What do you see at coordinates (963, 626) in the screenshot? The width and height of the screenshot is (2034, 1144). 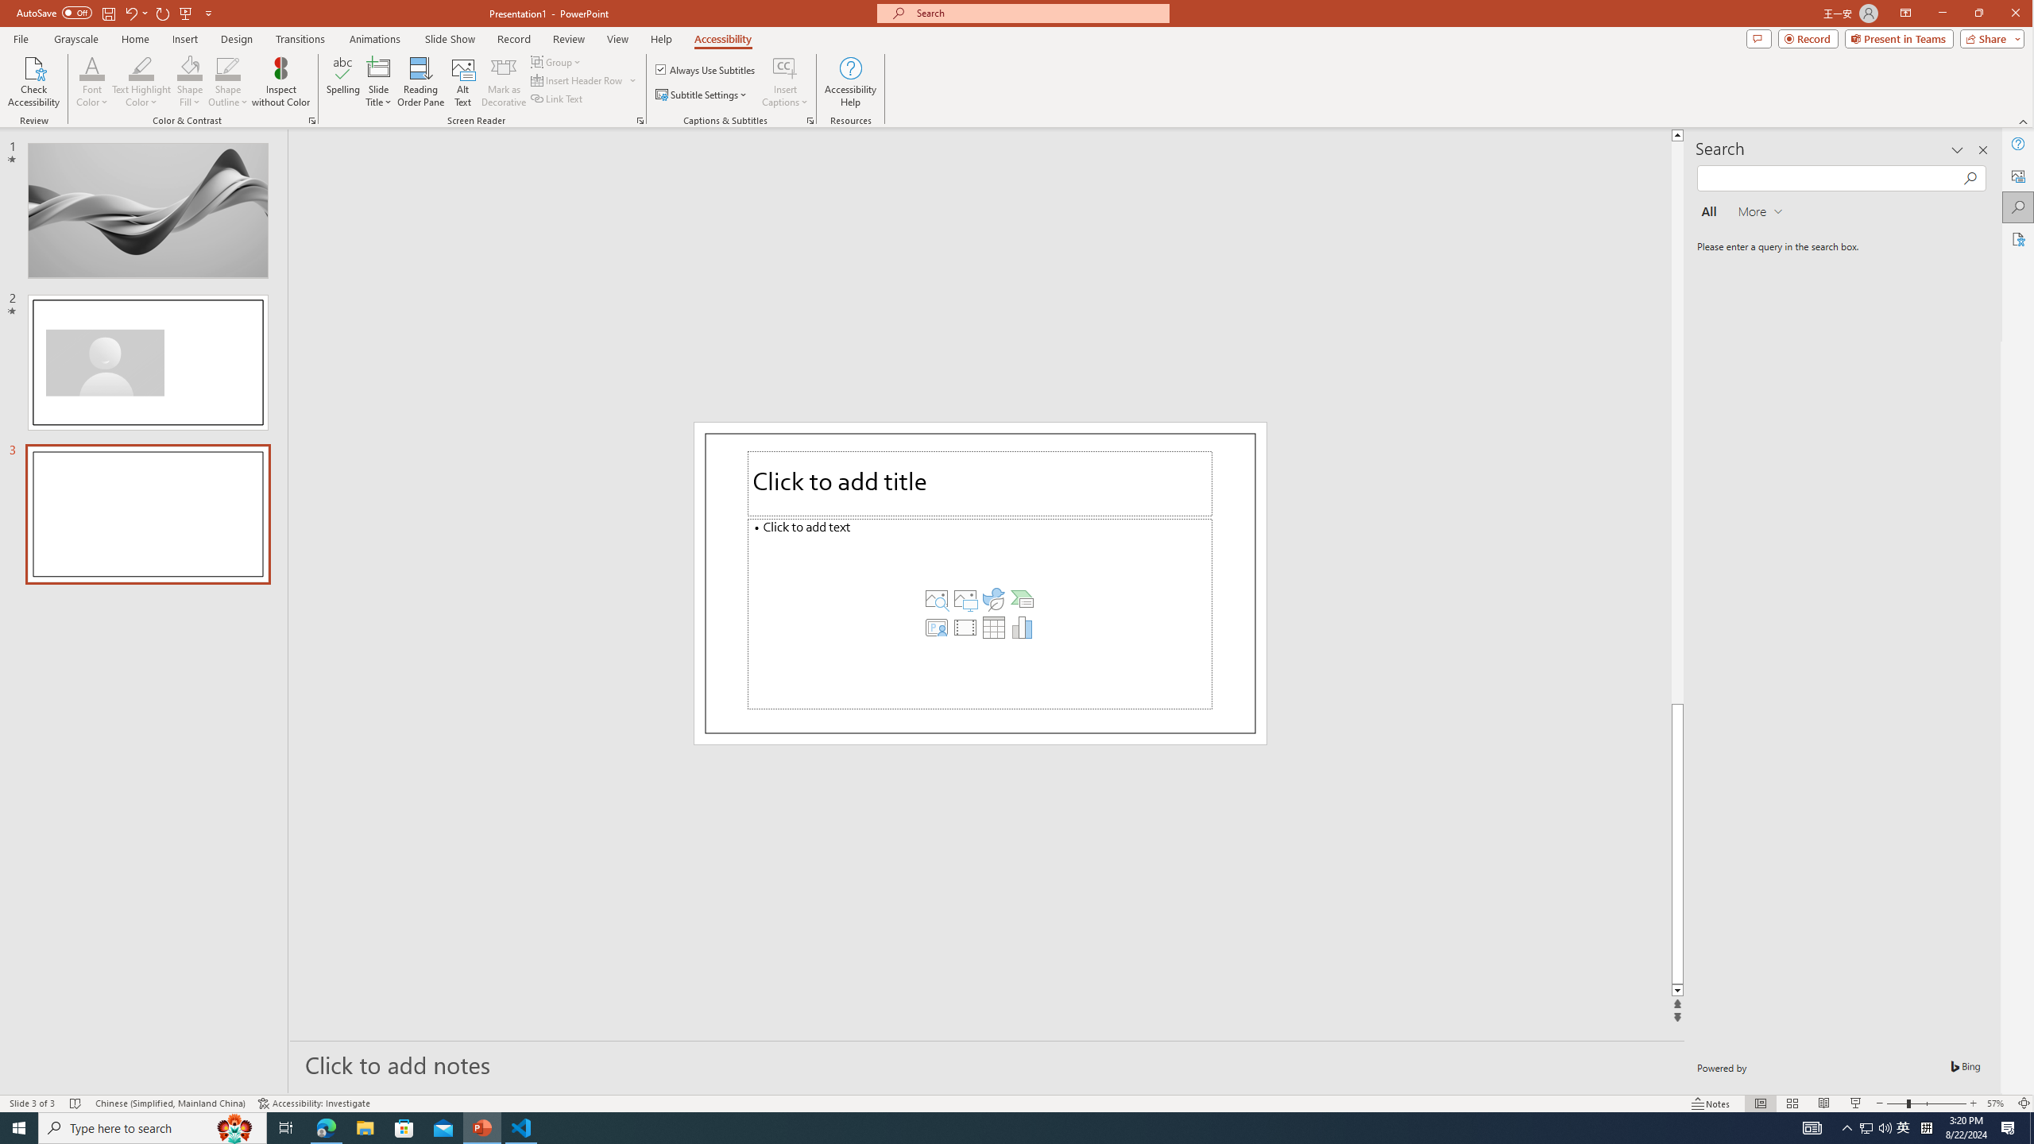 I see `'Insert Video'` at bounding box center [963, 626].